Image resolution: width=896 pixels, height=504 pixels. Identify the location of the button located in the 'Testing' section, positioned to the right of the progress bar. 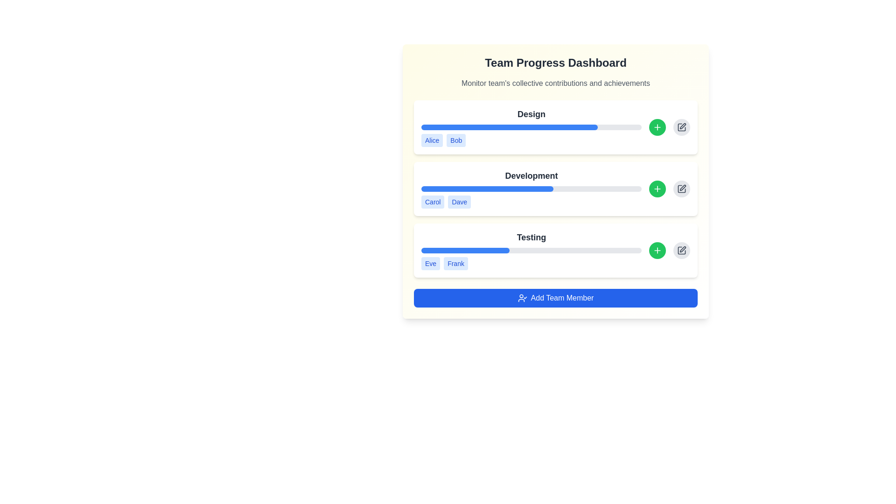
(657, 250).